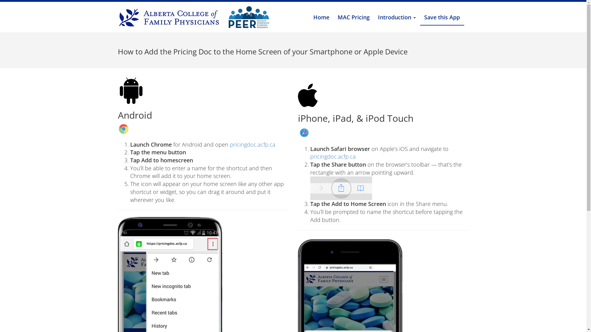 This screenshot has width=591, height=332. What do you see at coordinates (397, 17) in the screenshot?
I see `'Introduction'` at bounding box center [397, 17].